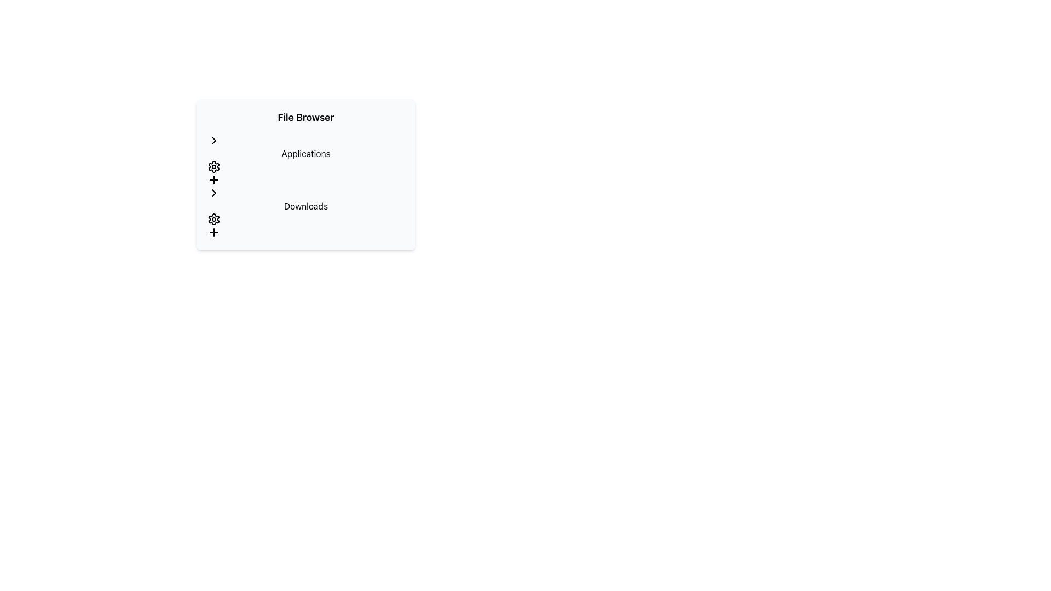  Describe the element at coordinates (305, 160) in the screenshot. I see `the first row labeled 'Applications' in the list beneath the 'File Browser' header` at that location.